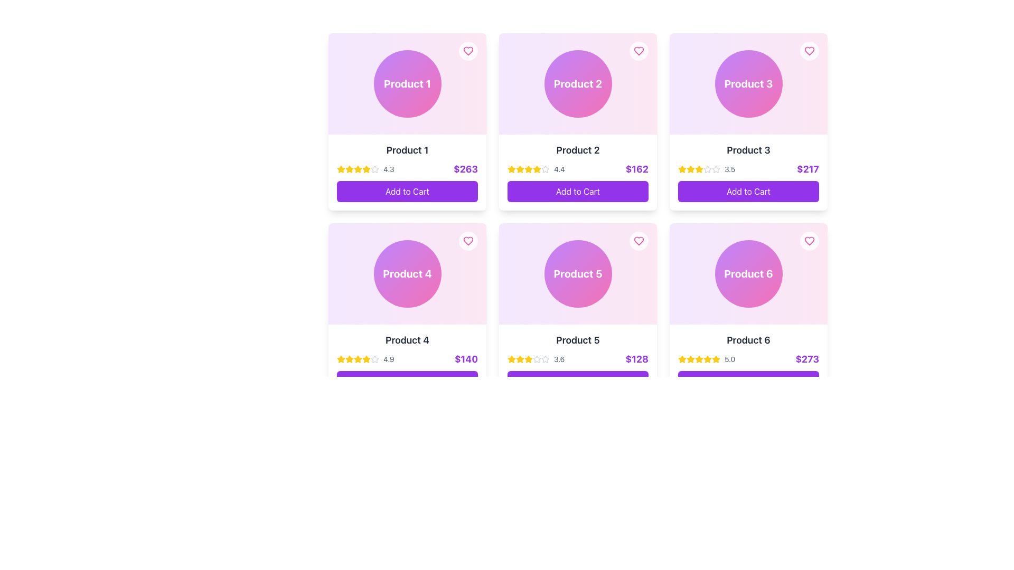  Describe the element at coordinates (350, 358) in the screenshot. I see `the leftmost star icon in the rating section of the card labeled 'Product 4' to provide a rating` at that location.